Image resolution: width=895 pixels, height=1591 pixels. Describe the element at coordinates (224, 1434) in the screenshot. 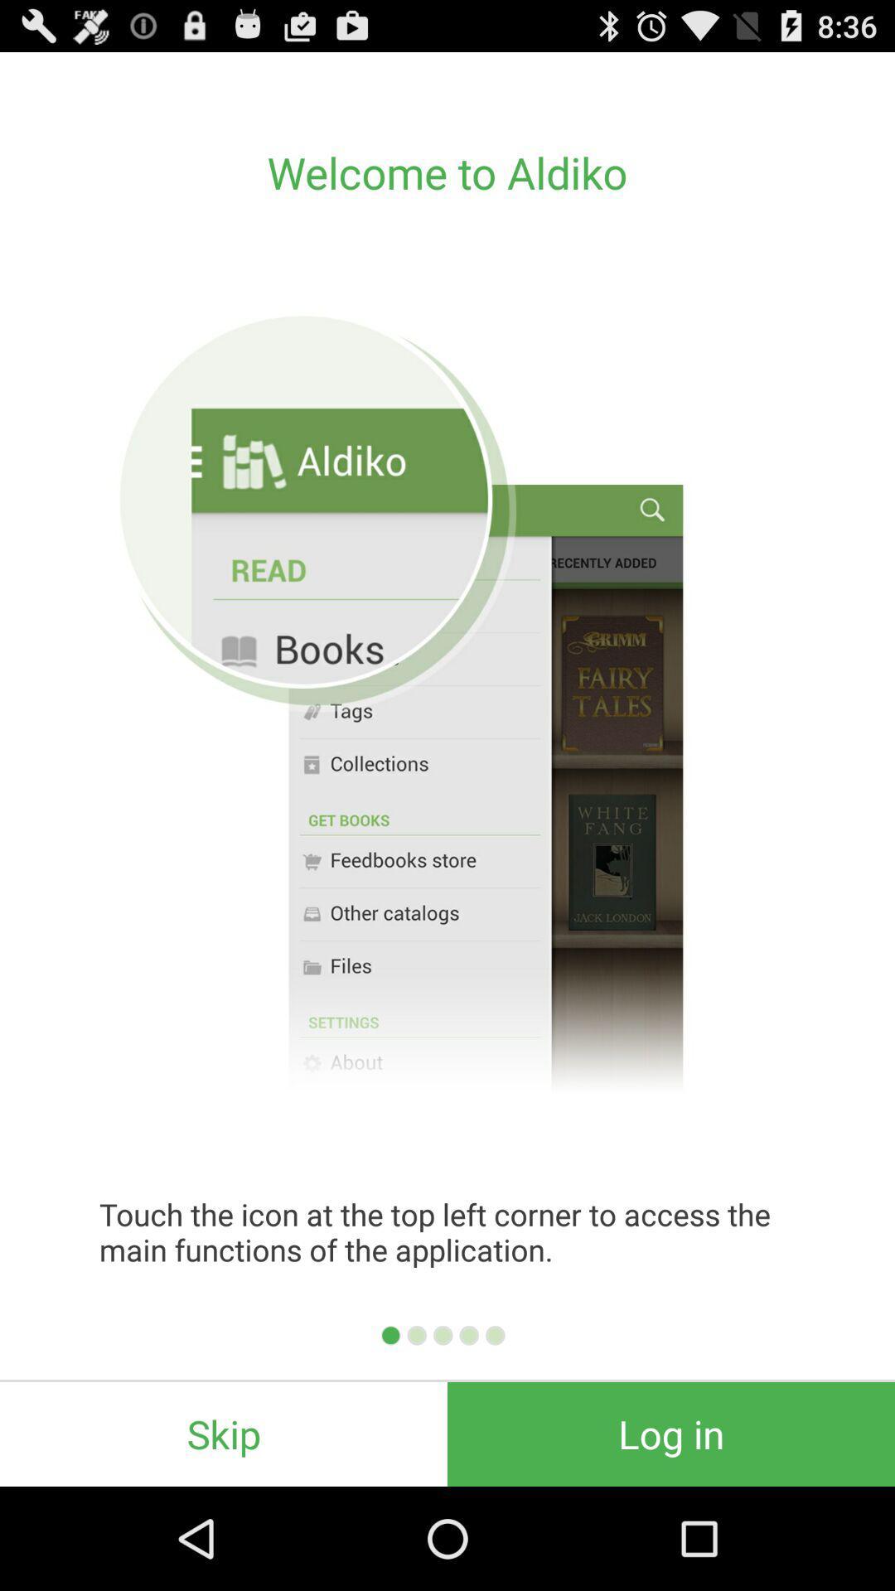

I see `item to the left of the log in item` at that location.